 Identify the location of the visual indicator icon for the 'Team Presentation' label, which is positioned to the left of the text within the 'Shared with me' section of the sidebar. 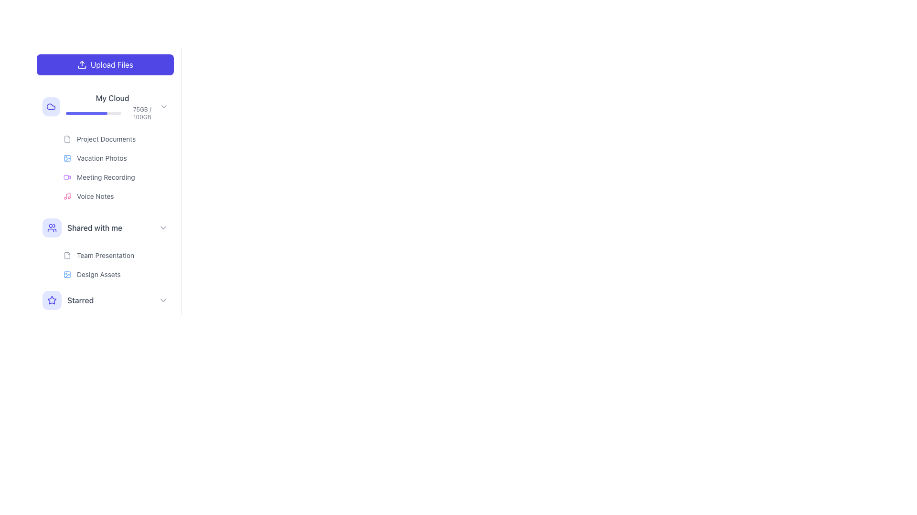
(66, 255).